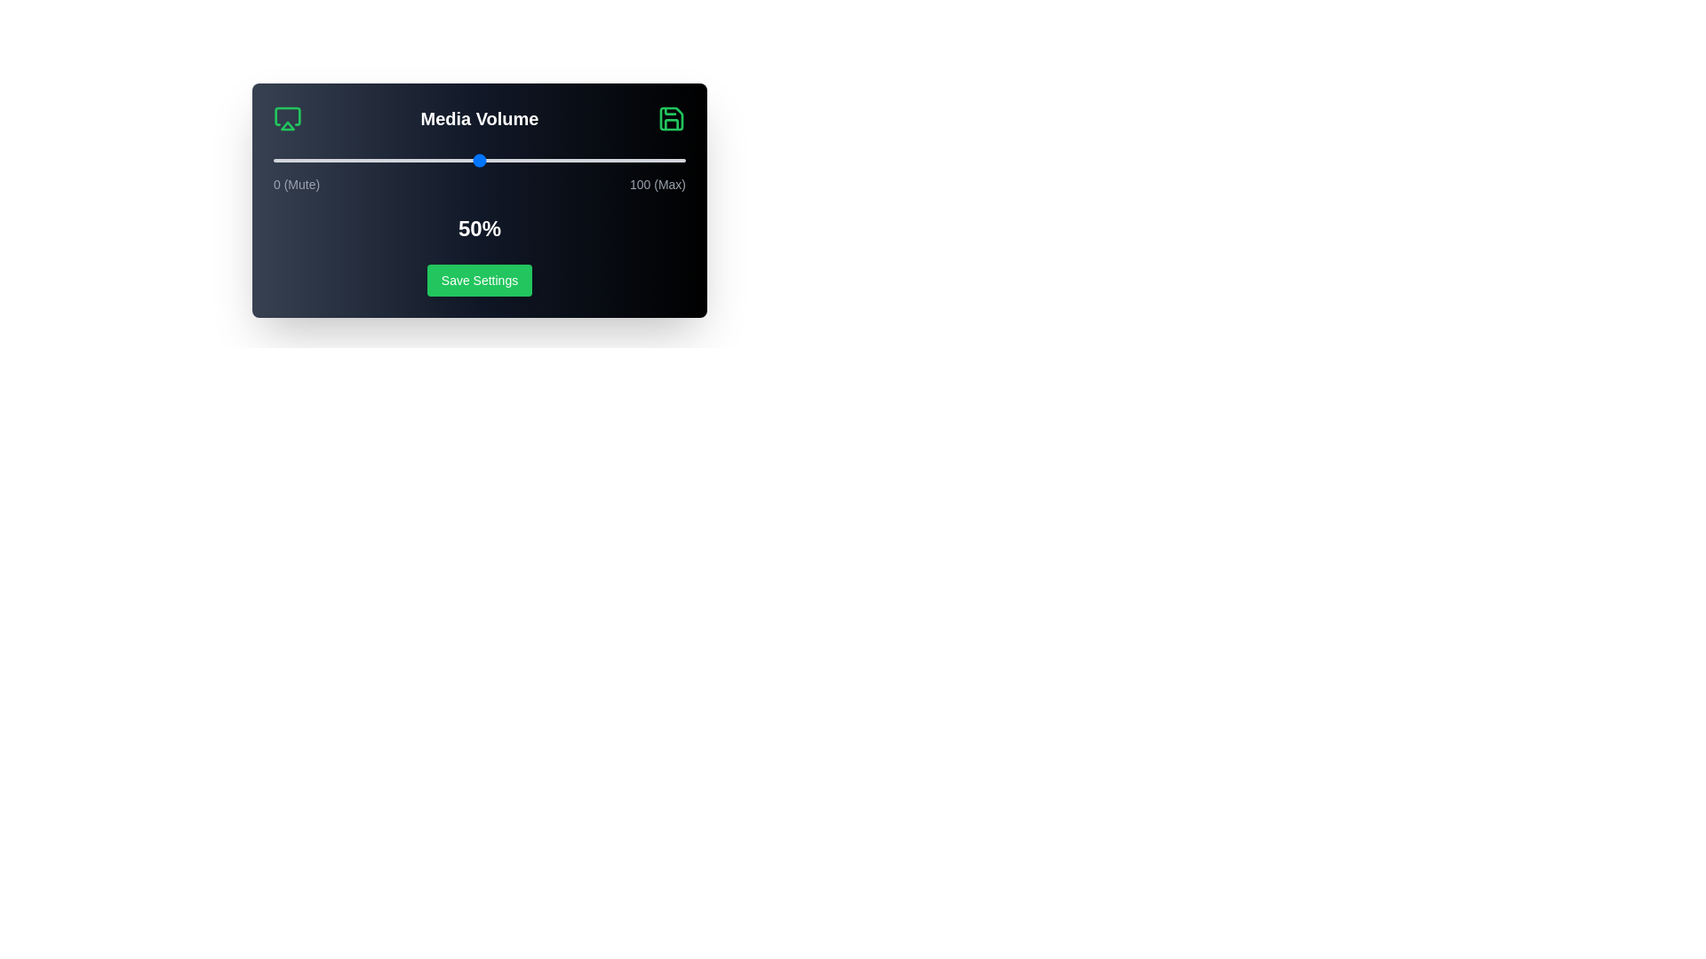  What do you see at coordinates (676, 161) in the screenshot?
I see `the volume slider to 98%` at bounding box center [676, 161].